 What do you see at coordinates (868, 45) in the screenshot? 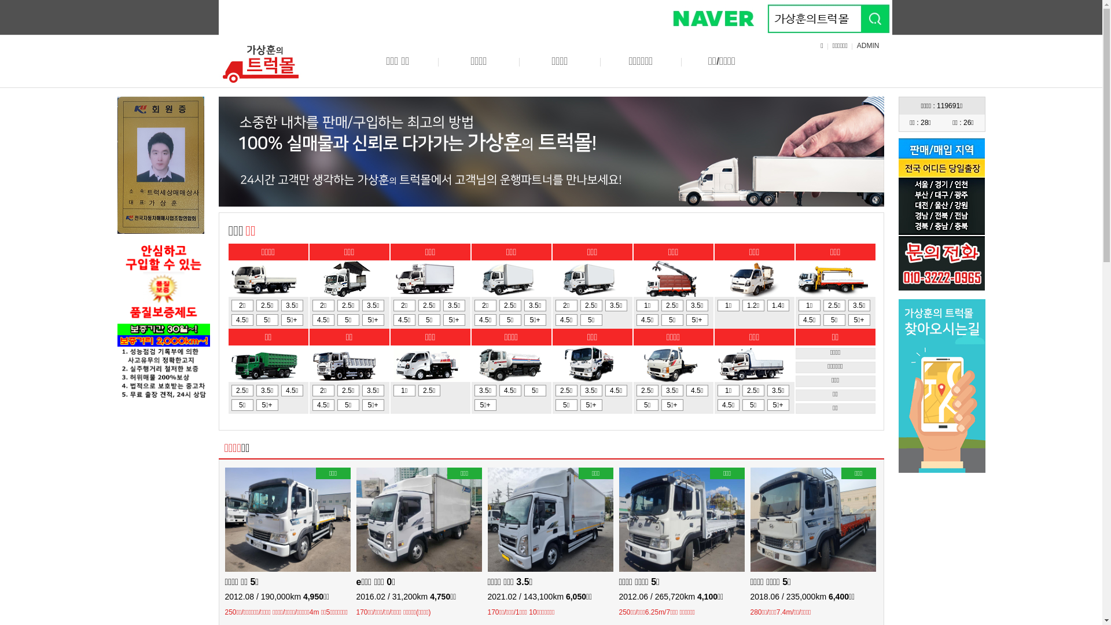
I see `'ADMIN'` at bounding box center [868, 45].